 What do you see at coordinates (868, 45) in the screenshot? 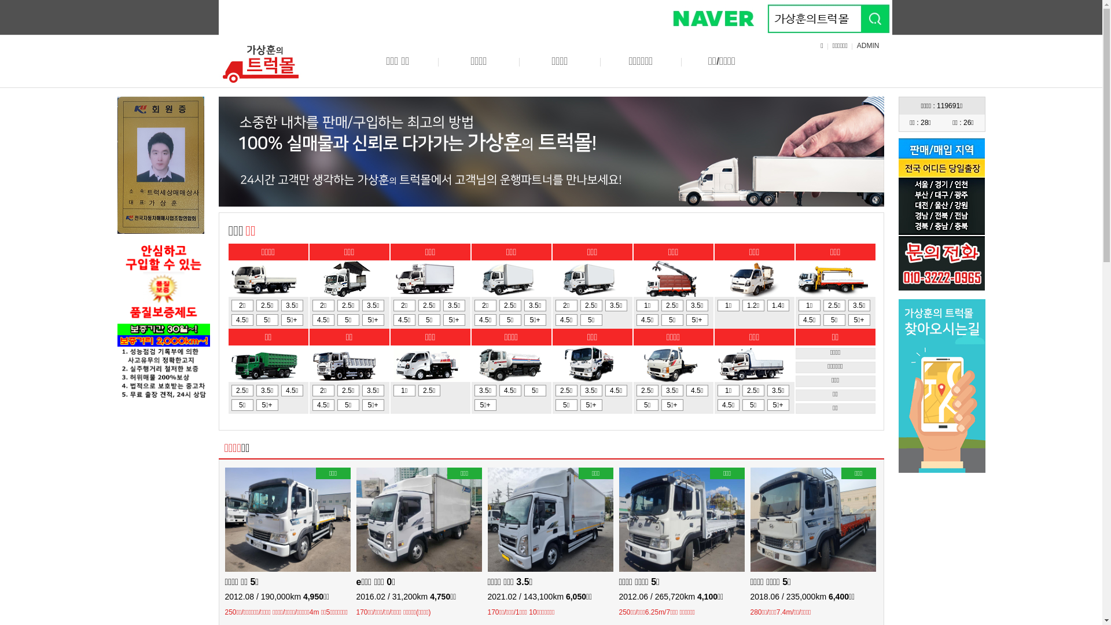
I see `'ADMIN'` at bounding box center [868, 45].